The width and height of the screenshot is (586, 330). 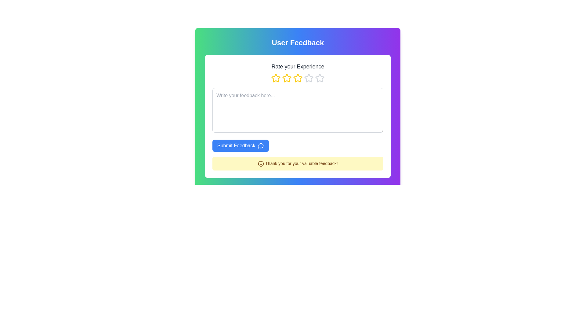 What do you see at coordinates (319, 78) in the screenshot?
I see `the fourth star in the 'Rate your Experience' section, which serves as an interactive star rating control for selecting a four-star rating` at bounding box center [319, 78].